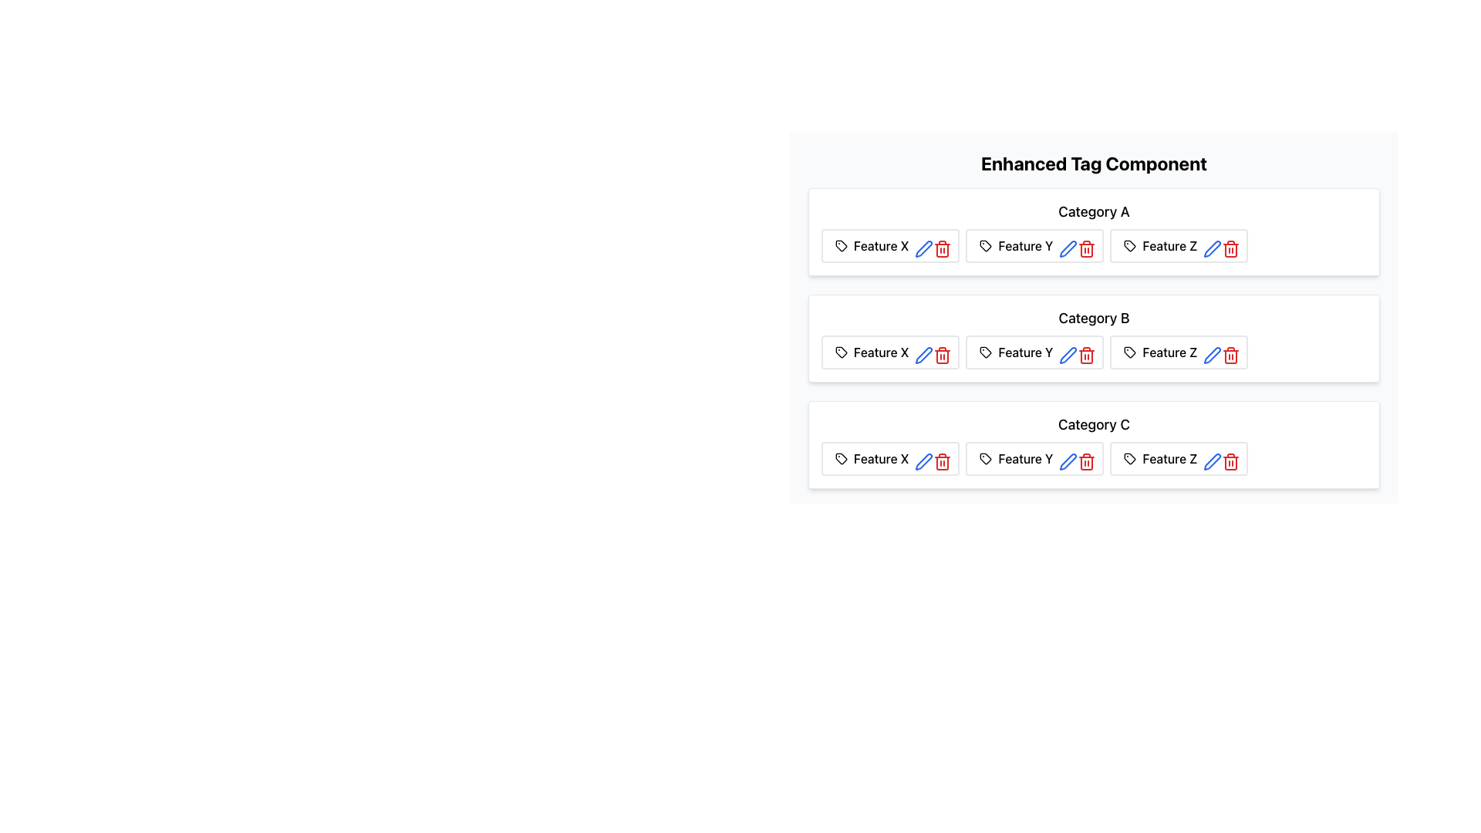  I want to click on the IconButton located in the 'Feature Y' card, so click(1064, 457).